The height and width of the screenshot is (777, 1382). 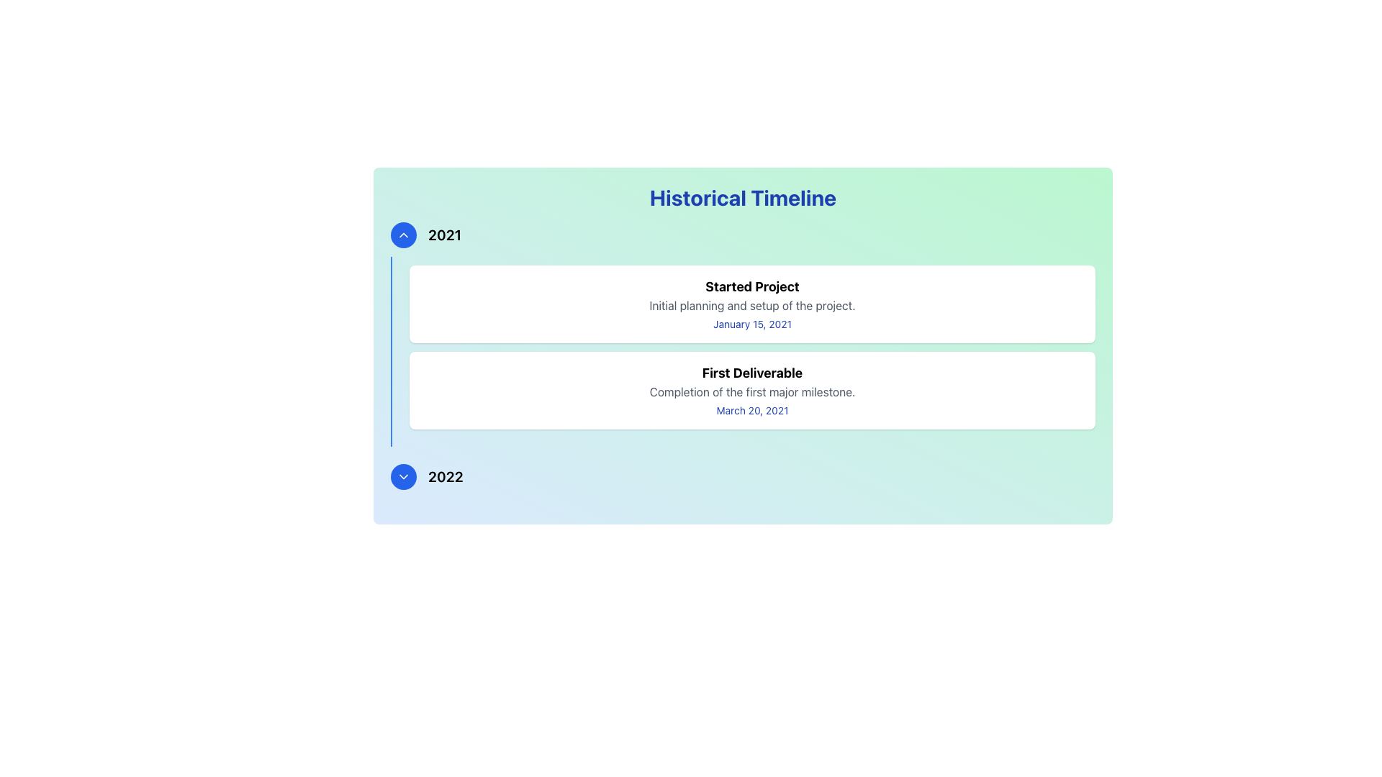 I want to click on the Milestone Card displaying 'First Deliverable' to focus on the details of the second item in the vertical timeline for the year 2021, so click(x=751, y=391).